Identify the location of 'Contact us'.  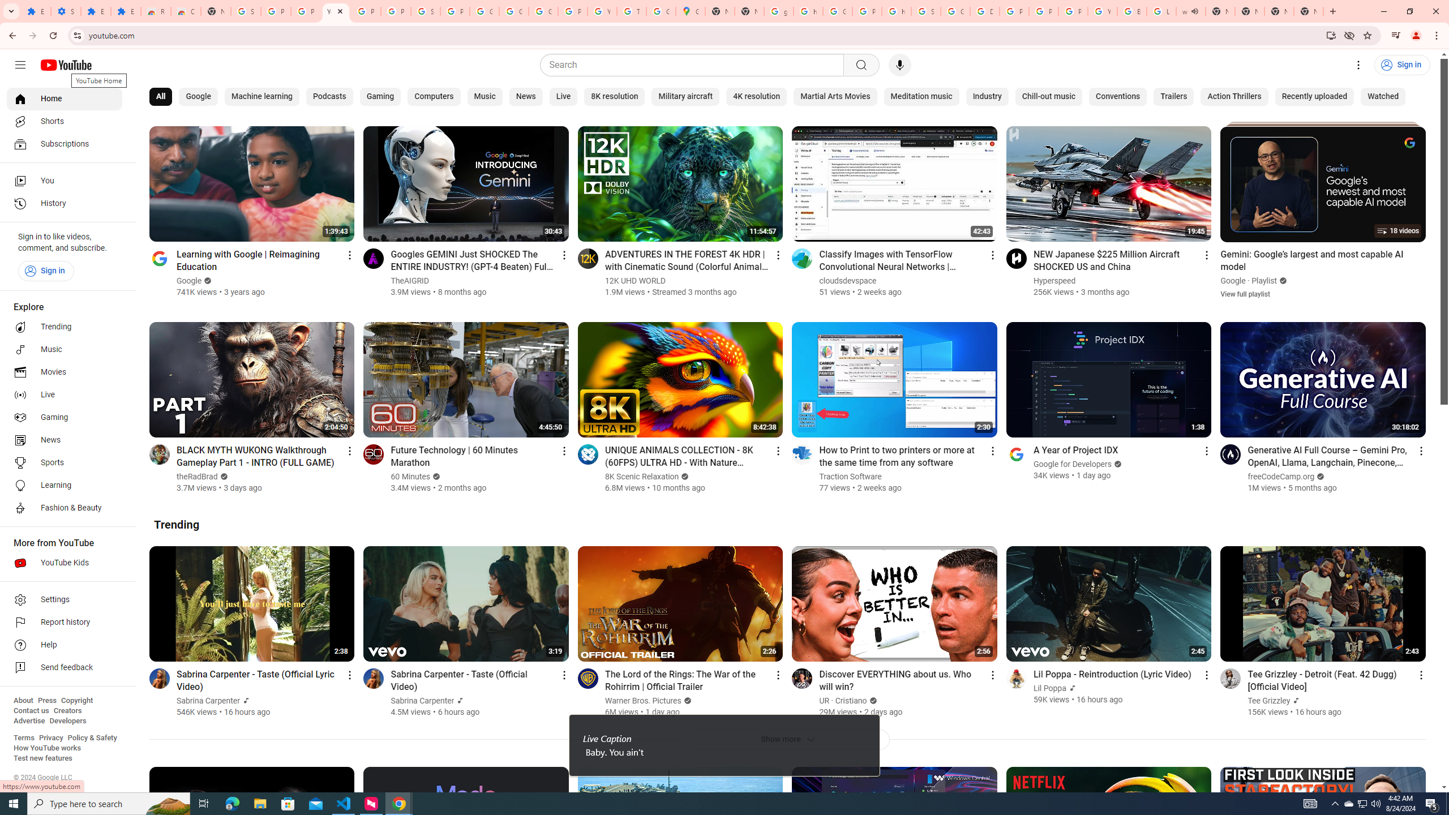
(31, 710).